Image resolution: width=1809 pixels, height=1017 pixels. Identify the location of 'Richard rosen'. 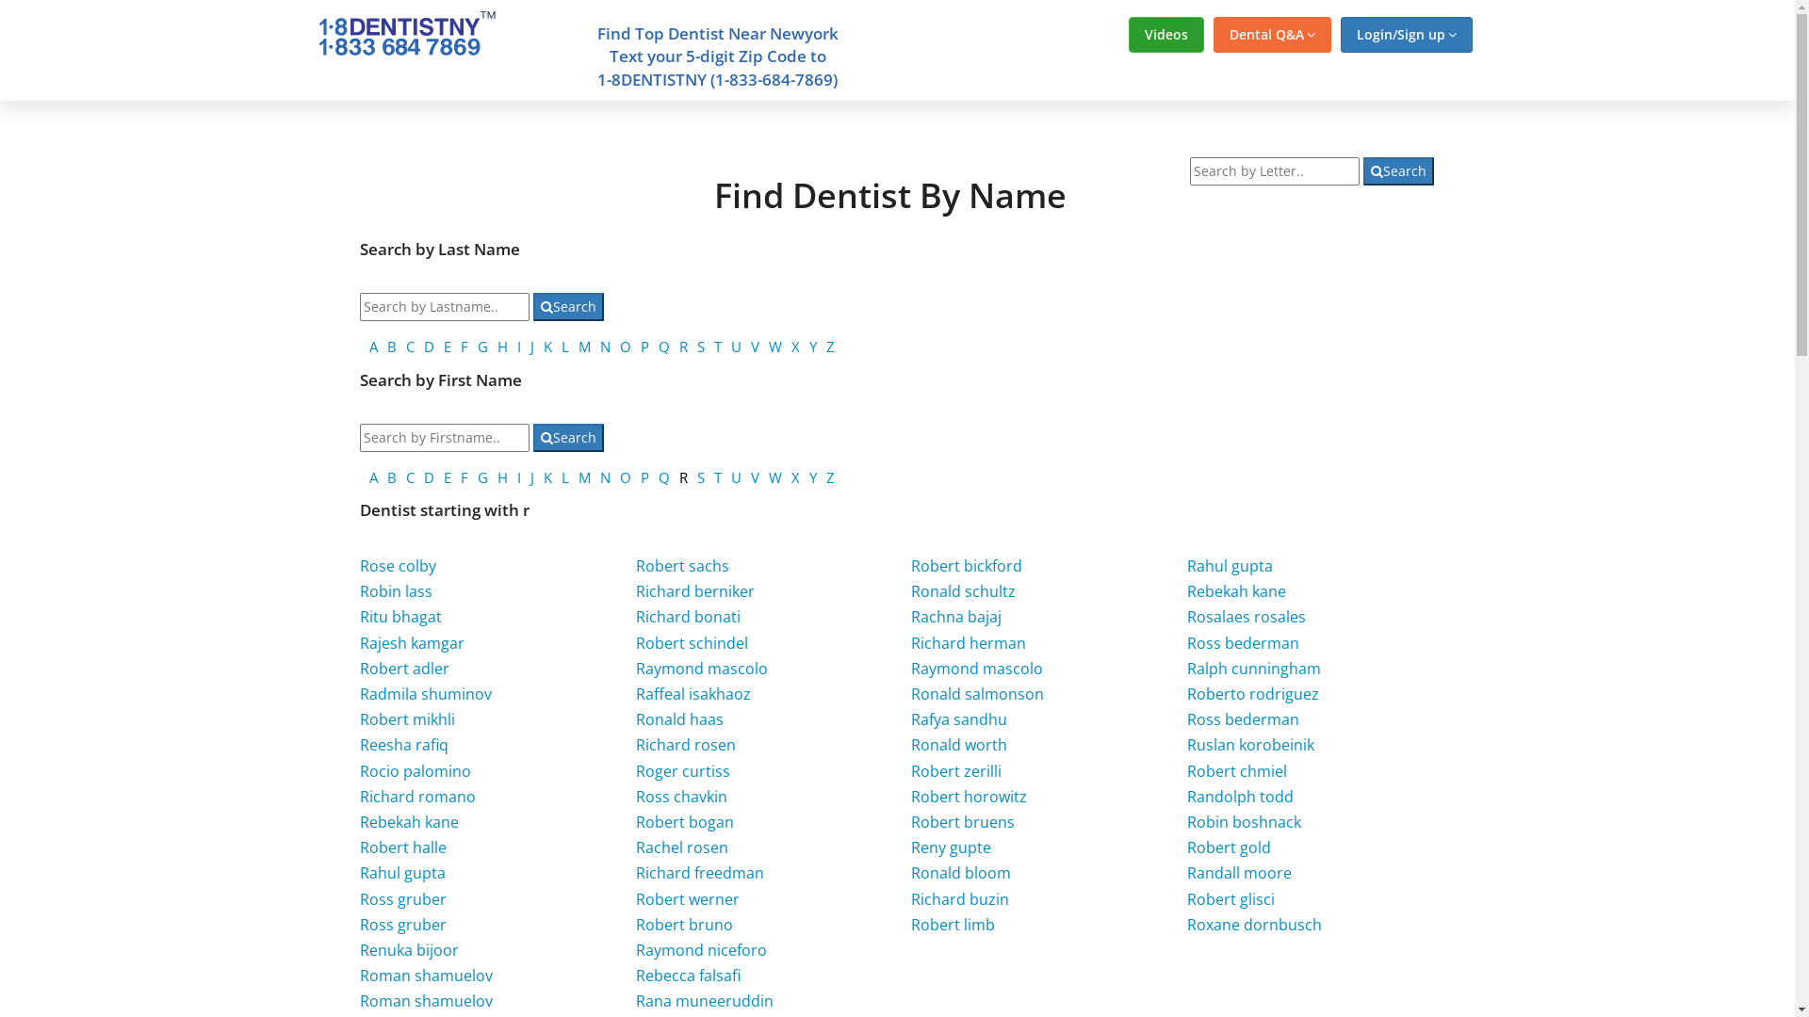
(685, 743).